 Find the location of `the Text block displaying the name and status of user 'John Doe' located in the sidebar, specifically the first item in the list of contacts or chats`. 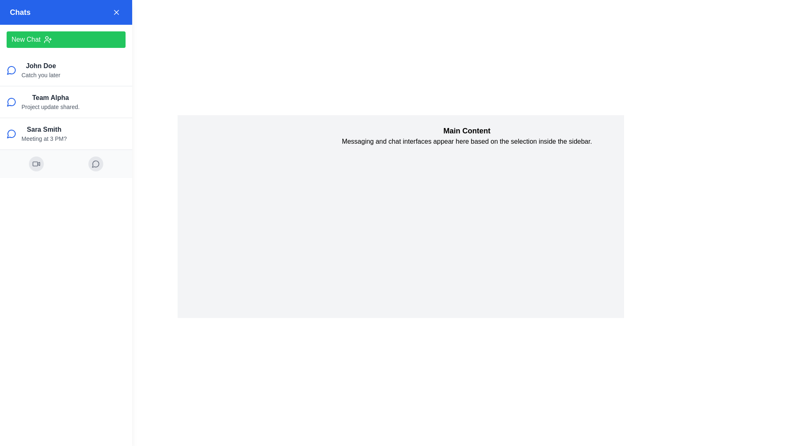

the Text block displaying the name and status of user 'John Doe' located in the sidebar, specifically the first item in the list of contacts or chats is located at coordinates (40, 69).